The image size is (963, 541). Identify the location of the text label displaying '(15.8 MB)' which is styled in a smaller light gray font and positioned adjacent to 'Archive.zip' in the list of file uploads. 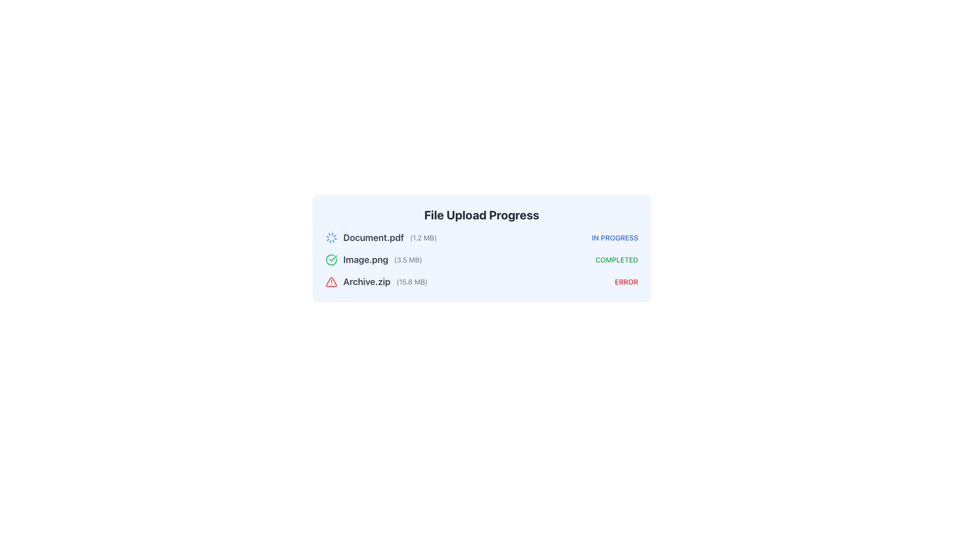
(412, 282).